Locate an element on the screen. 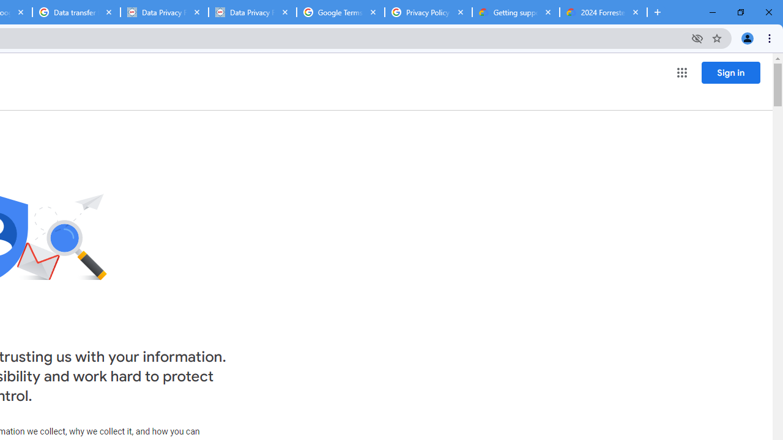  'Data Privacy Framework' is located at coordinates (251, 12).